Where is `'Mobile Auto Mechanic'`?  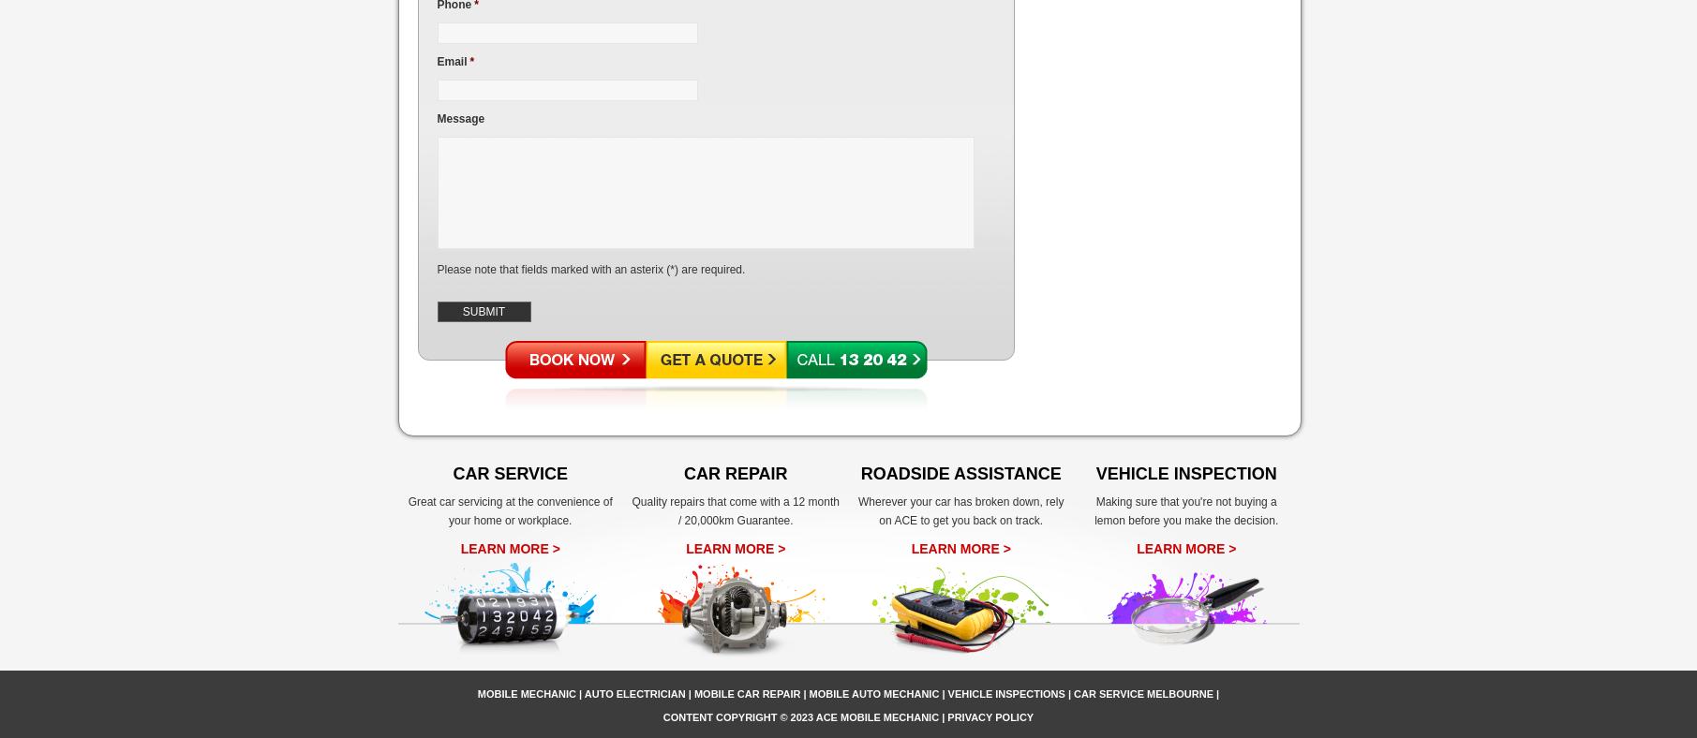
'Mobile Auto Mechanic' is located at coordinates (872, 693).